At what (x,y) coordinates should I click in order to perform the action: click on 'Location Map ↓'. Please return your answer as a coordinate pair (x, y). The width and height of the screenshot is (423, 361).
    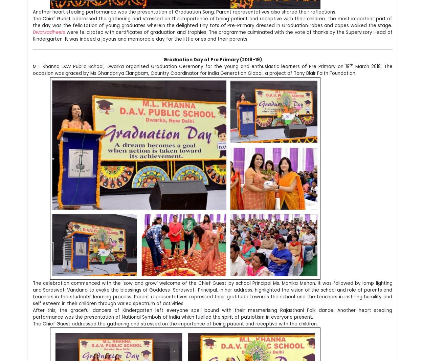
    Looking at the image, I should click on (309, 232).